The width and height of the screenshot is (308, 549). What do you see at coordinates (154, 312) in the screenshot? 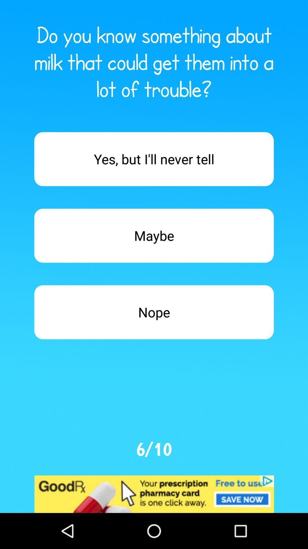
I see `chose the no option button` at bounding box center [154, 312].